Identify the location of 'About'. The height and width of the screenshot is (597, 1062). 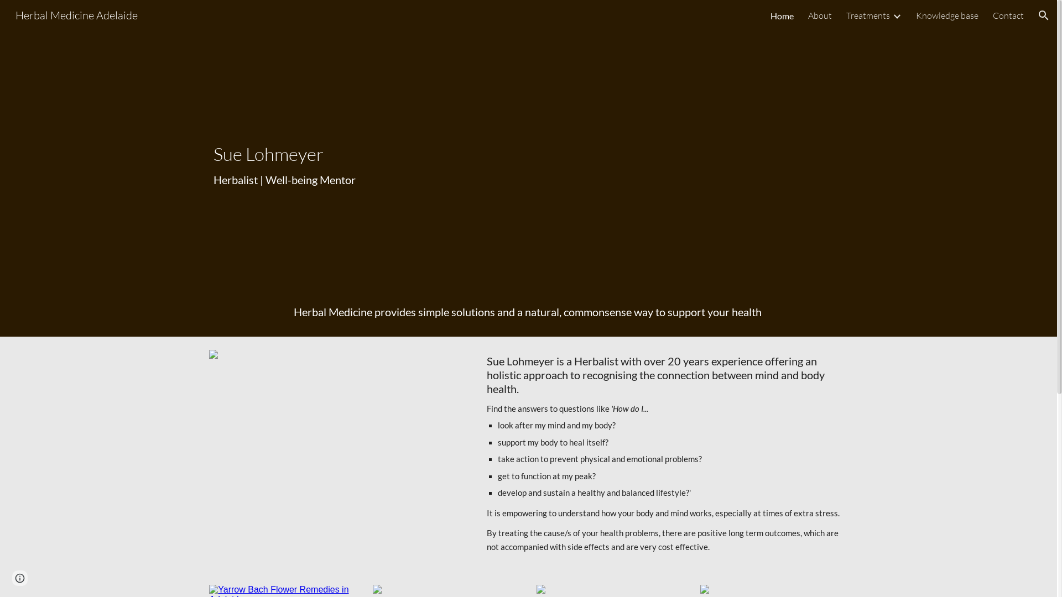
(808, 15).